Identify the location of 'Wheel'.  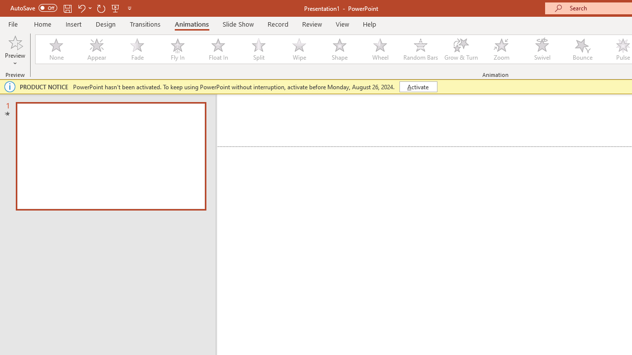
(380, 49).